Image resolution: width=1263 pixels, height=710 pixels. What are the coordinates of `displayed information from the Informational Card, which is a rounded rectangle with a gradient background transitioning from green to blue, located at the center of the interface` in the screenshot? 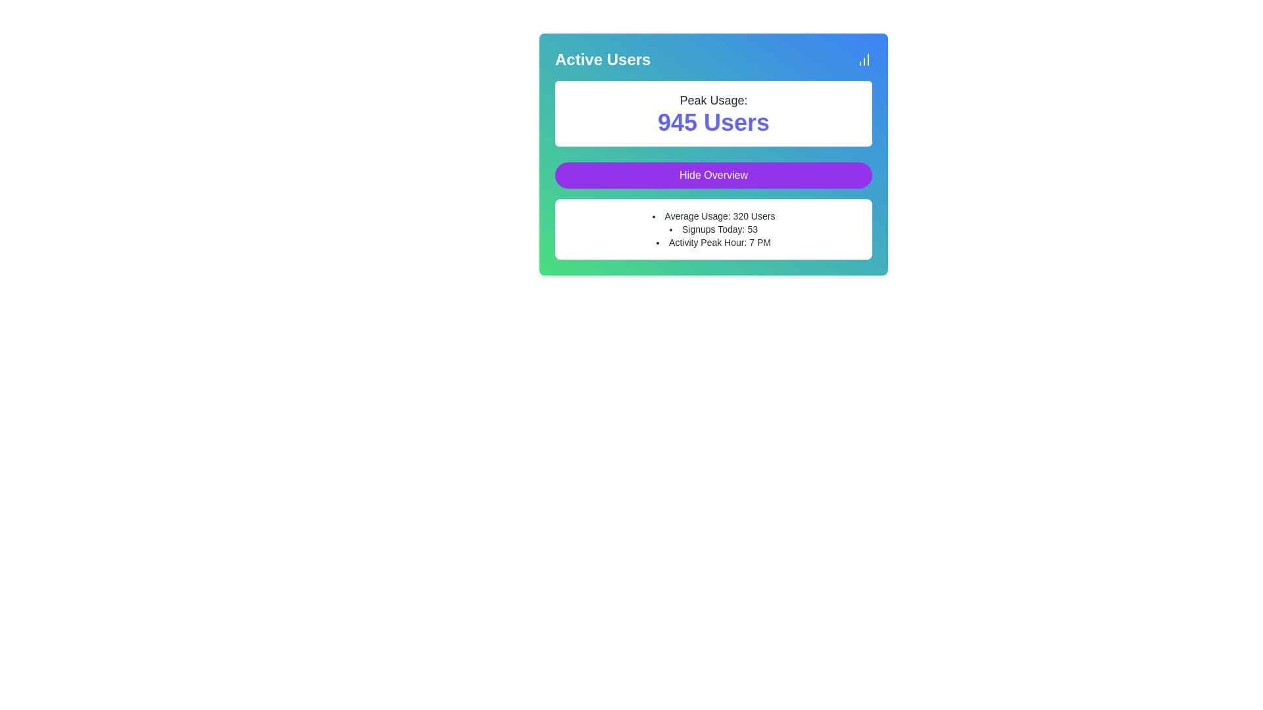 It's located at (712, 154).